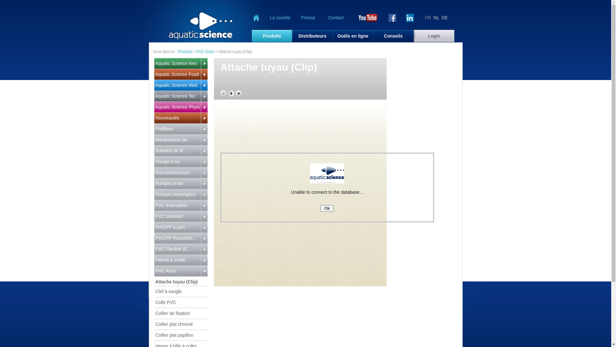  I want to click on ' Aquatic Science Med', so click(177, 85).